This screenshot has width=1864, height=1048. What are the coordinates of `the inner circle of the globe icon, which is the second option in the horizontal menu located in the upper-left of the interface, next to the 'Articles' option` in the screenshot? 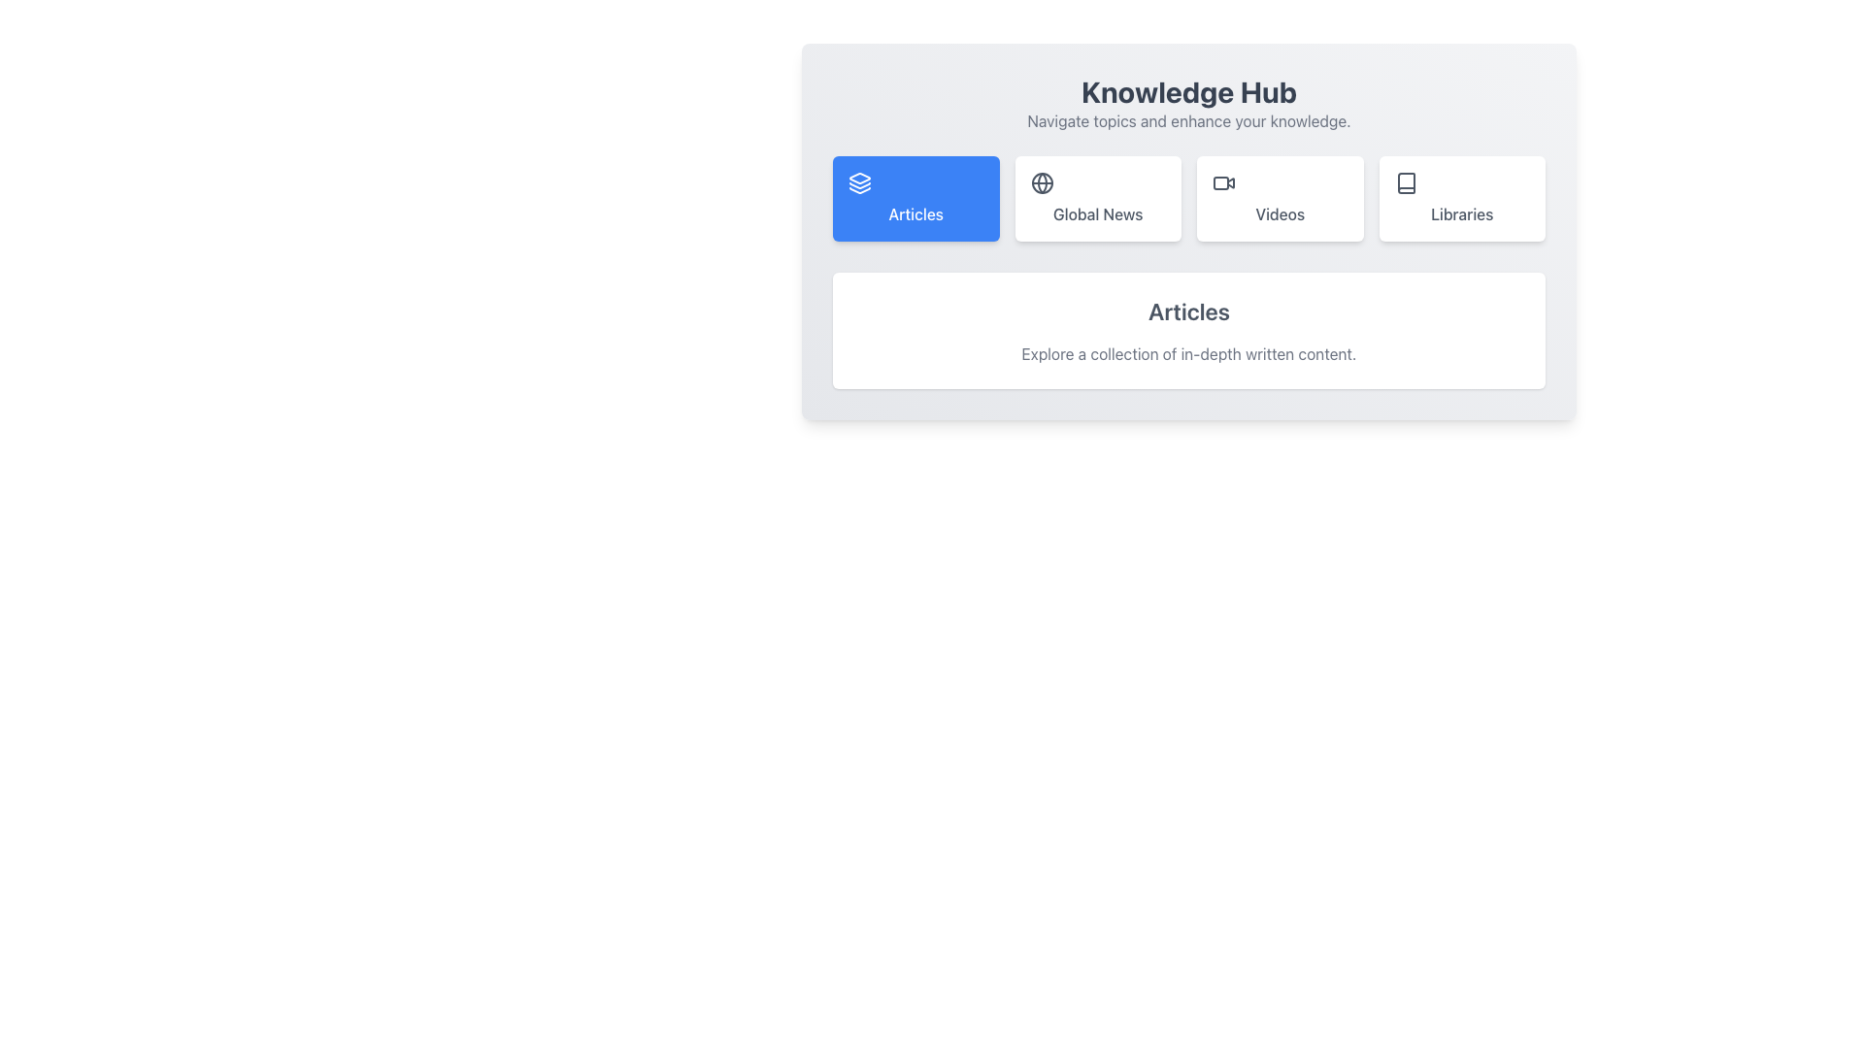 It's located at (1041, 183).